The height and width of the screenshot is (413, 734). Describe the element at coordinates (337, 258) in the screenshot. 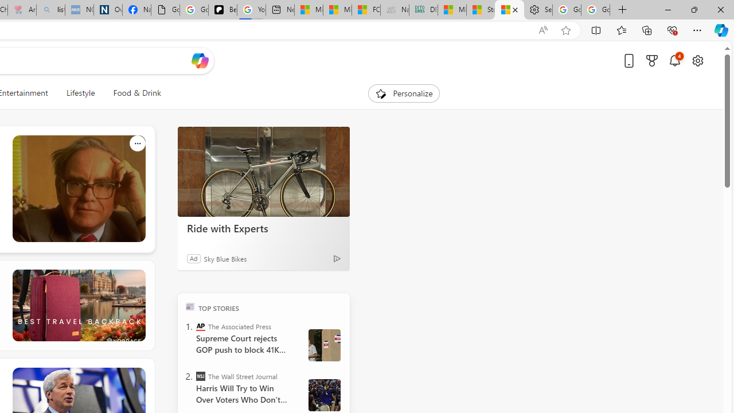

I see `'Ad Choice'` at that location.